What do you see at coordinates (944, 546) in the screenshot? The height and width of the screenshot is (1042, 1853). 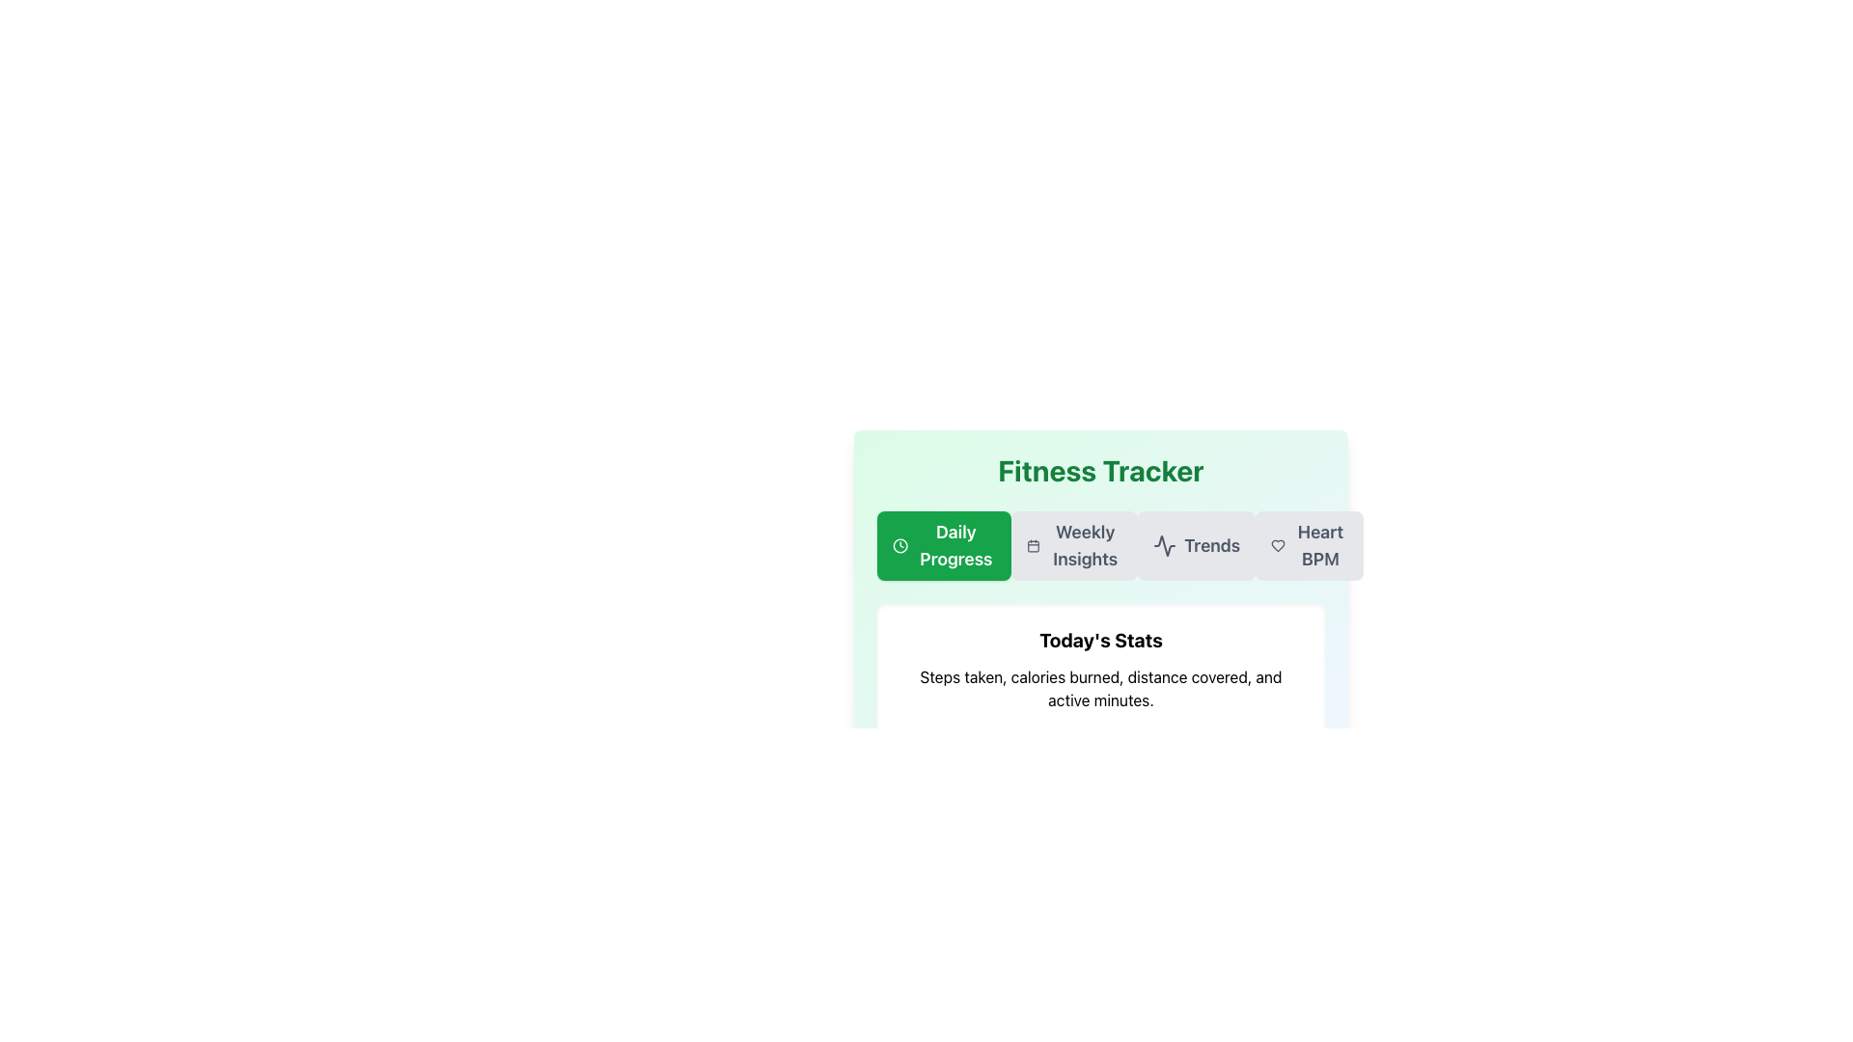 I see `the 'Daily Progress' button` at bounding box center [944, 546].